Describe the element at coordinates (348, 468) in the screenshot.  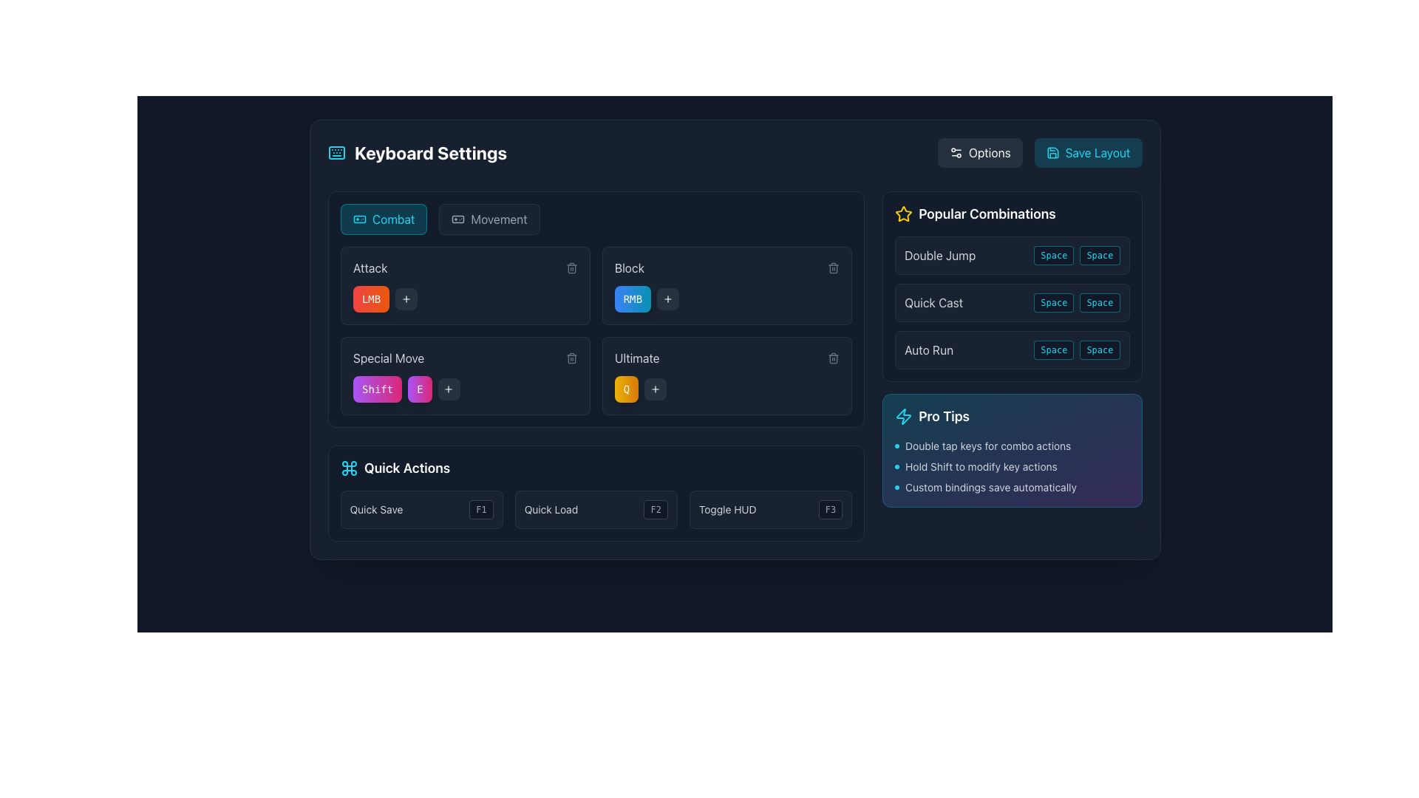
I see `the small cyan-outlined command symbol icon located to the immediate left of the 'Quick Actions' text` at that location.